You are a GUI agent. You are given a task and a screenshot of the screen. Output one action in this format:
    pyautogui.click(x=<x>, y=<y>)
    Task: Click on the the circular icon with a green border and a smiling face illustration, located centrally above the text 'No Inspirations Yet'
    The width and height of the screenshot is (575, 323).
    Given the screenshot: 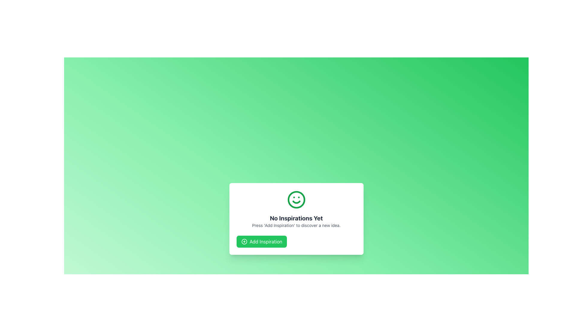 What is the action you would take?
    pyautogui.click(x=296, y=199)
    